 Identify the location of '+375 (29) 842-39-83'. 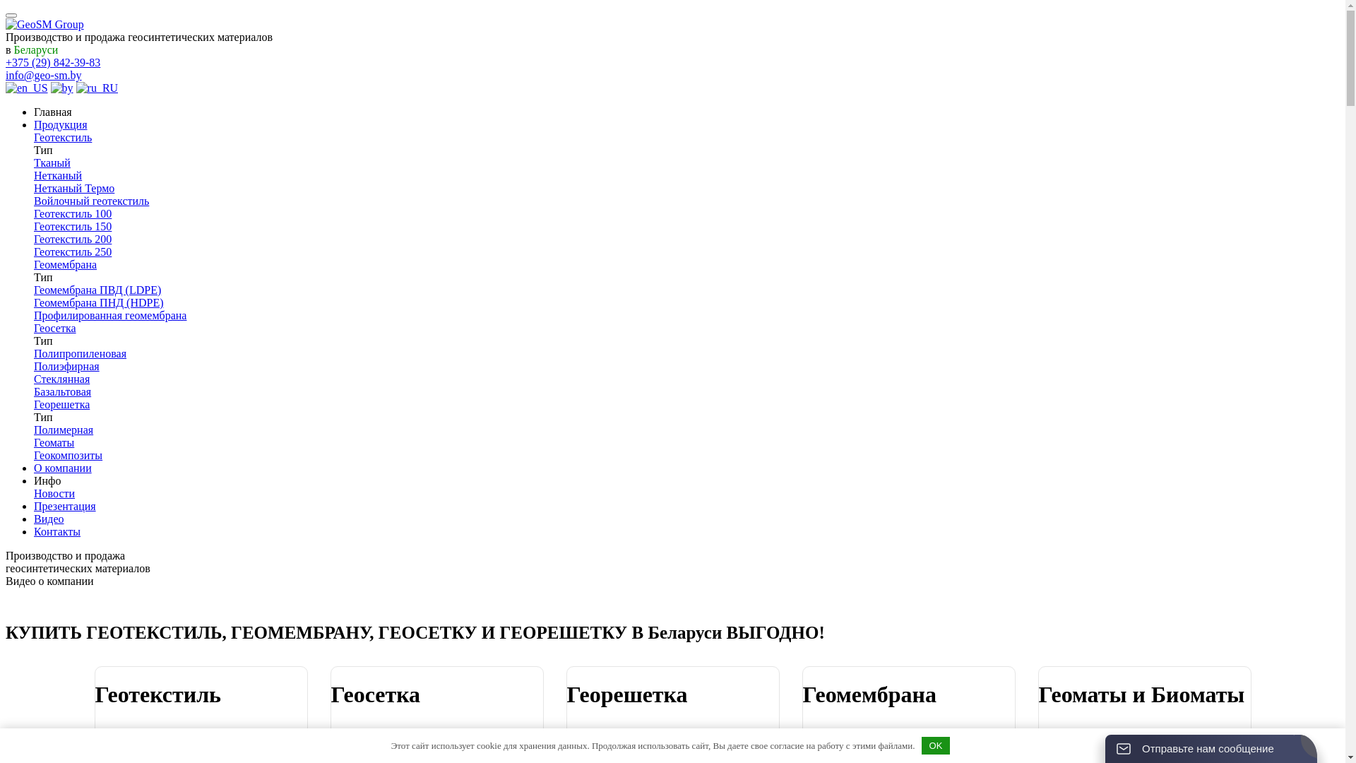
(6, 61).